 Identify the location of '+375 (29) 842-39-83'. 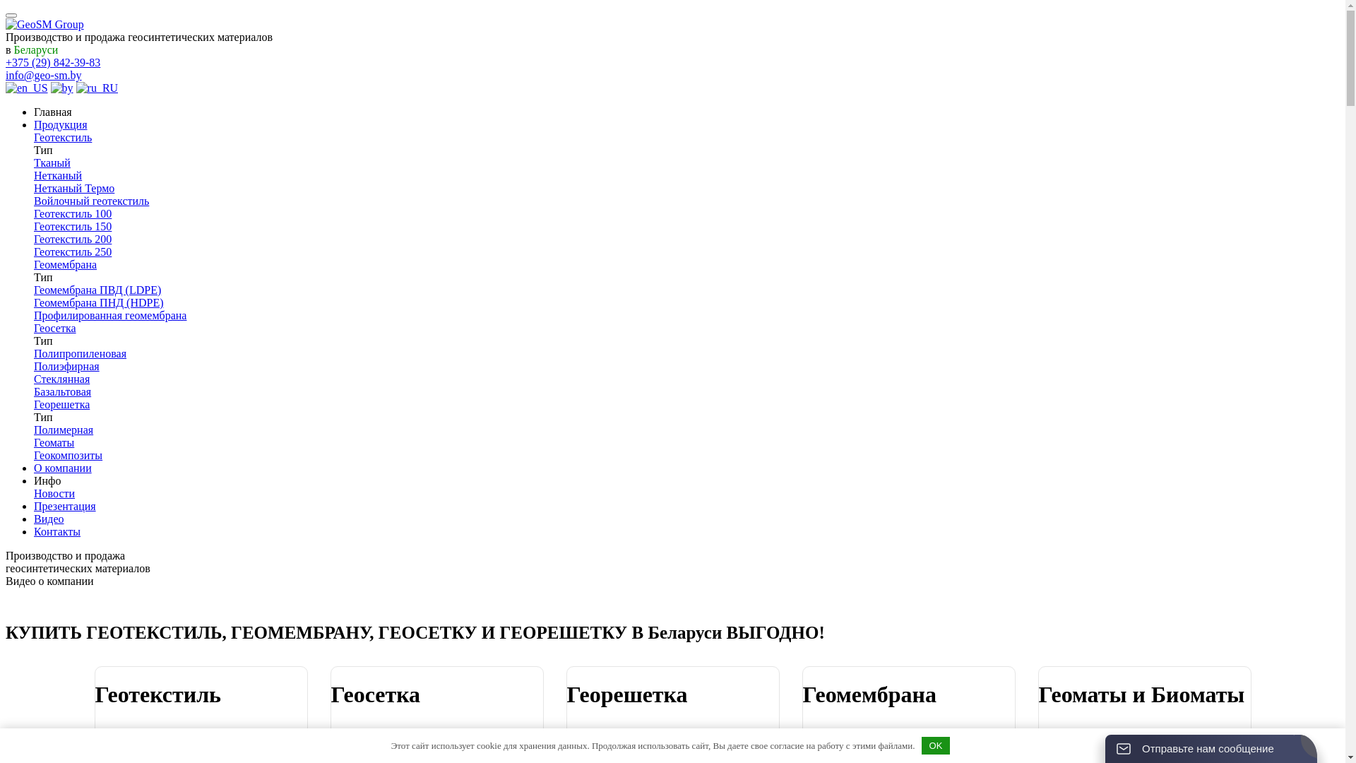
(6, 61).